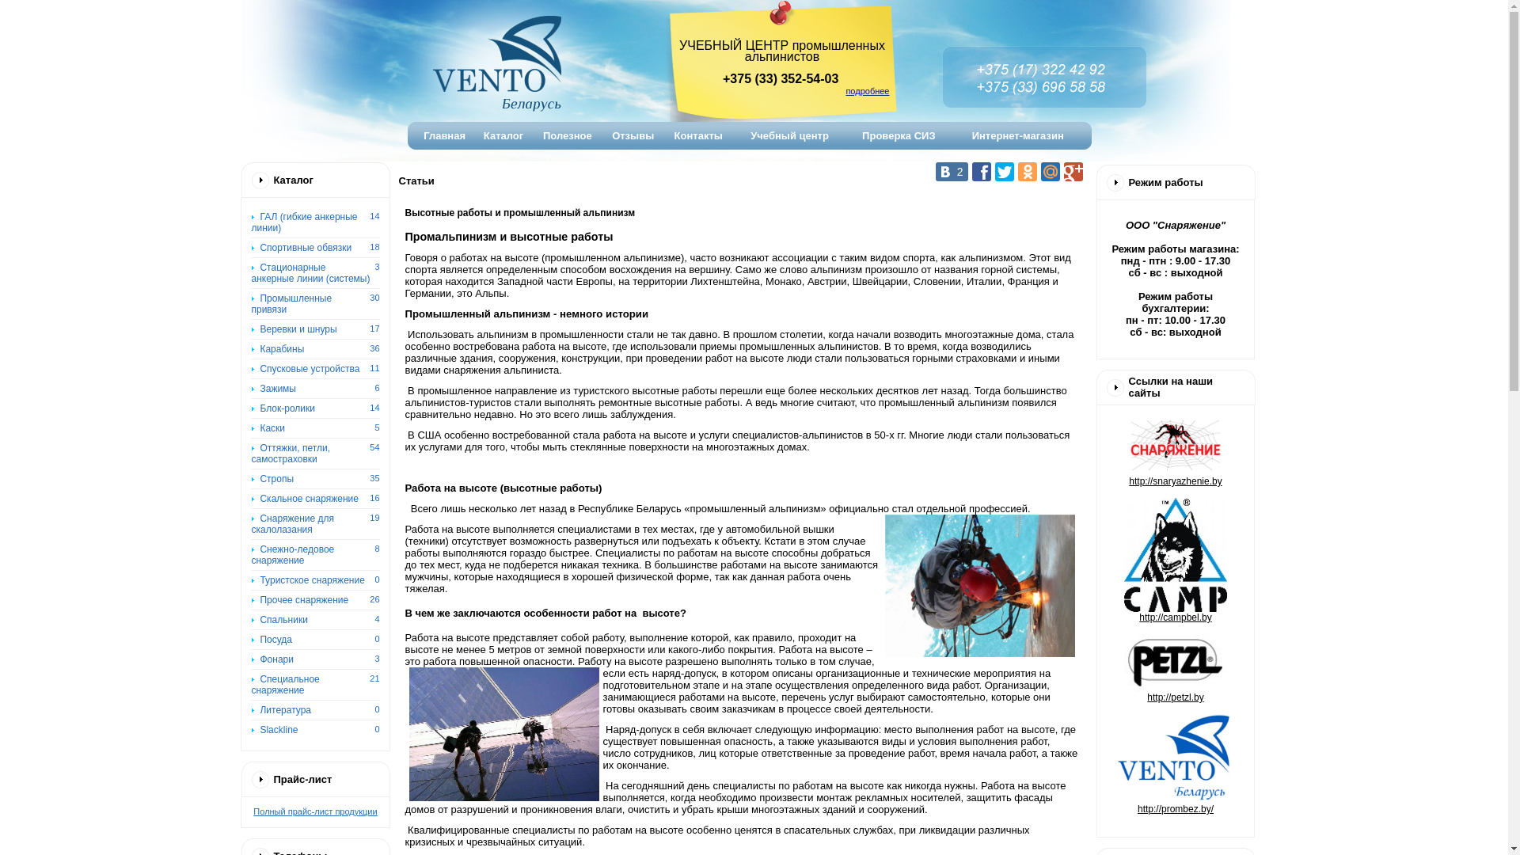  Describe the element at coordinates (1175, 753) in the screenshot. I see `'http://petzl.by` at that location.